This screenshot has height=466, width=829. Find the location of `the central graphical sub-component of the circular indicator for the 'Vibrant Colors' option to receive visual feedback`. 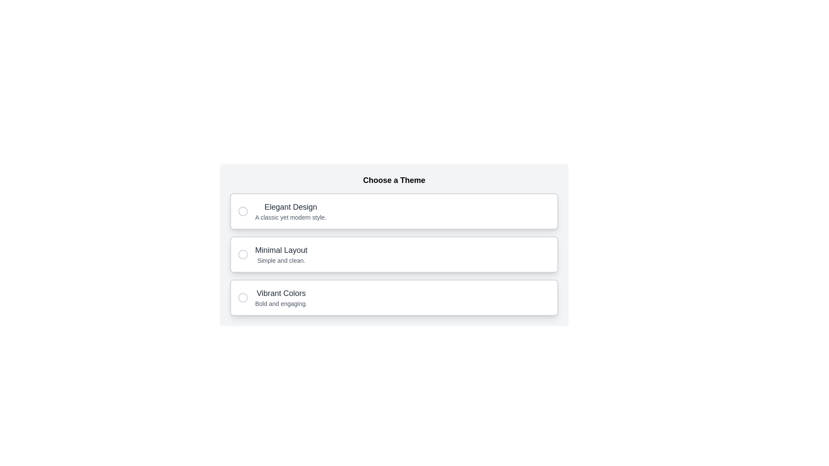

the central graphical sub-component of the circular indicator for the 'Vibrant Colors' option to receive visual feedback is located at coordinates (242, 297).